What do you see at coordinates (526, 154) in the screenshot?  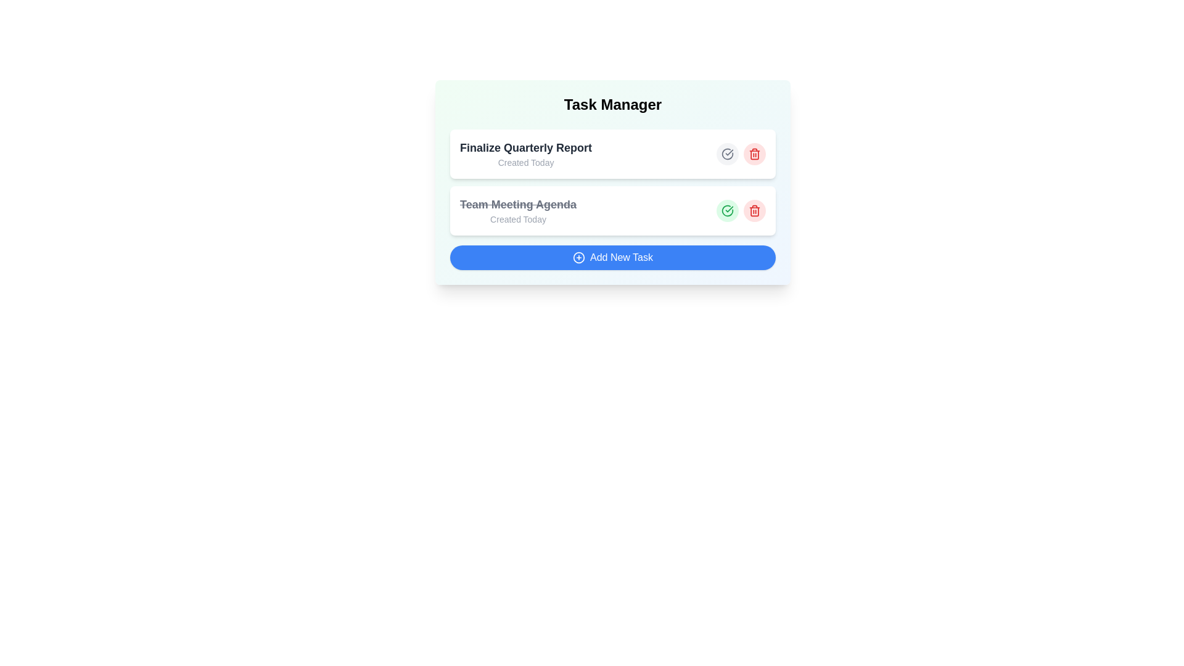 I see `the task item to view its details` at bounding box center [526, 154].